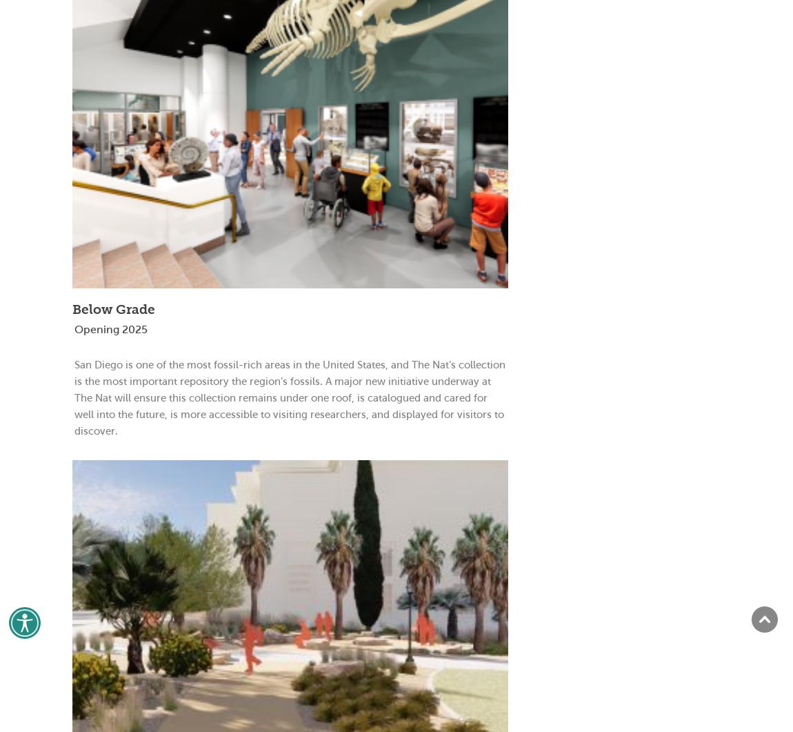 The height and width of the screenshot is (732, 793). I want to click on 'and displayed fo', so click(408, 413).